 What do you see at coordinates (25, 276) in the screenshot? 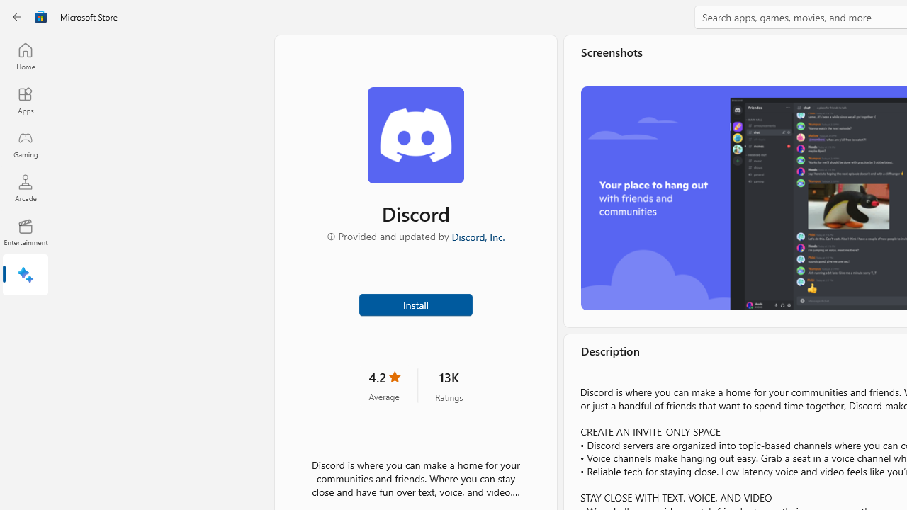
I see `'AI Hub'` at bounding box center [25, 276].